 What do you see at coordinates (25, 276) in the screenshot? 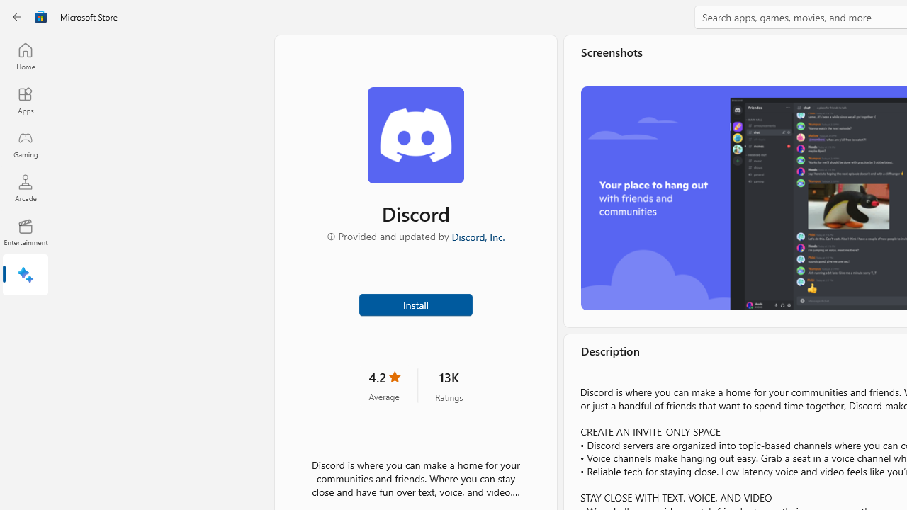
I see `'AI Hub'` at bounding box center [25, 276].